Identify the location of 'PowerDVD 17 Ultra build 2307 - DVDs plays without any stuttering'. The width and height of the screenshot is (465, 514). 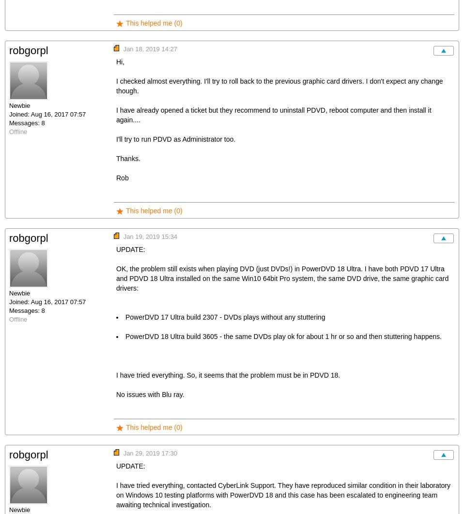
(225, 316).